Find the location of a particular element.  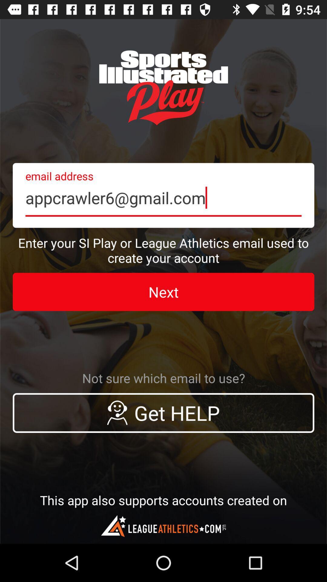

next is located at coordinates (163, 292).